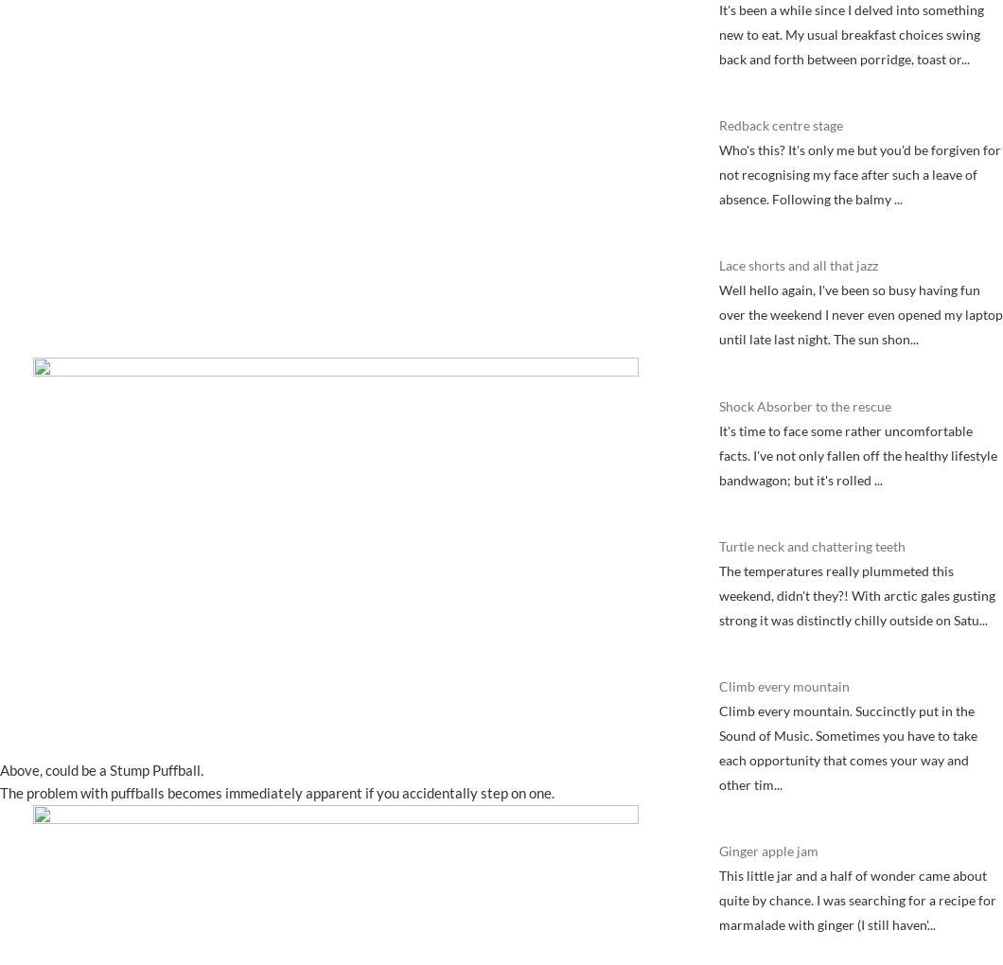 This screenshot has width=1003, height=965. What do you see at coordinates (812, 545) in the screenshot?
I see `'Turtle neck and chattering teeth'` at bounding box center [812, 545].